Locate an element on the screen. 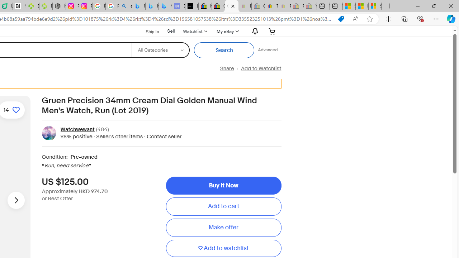  'Notifications' is located at coordinates (253, 31).